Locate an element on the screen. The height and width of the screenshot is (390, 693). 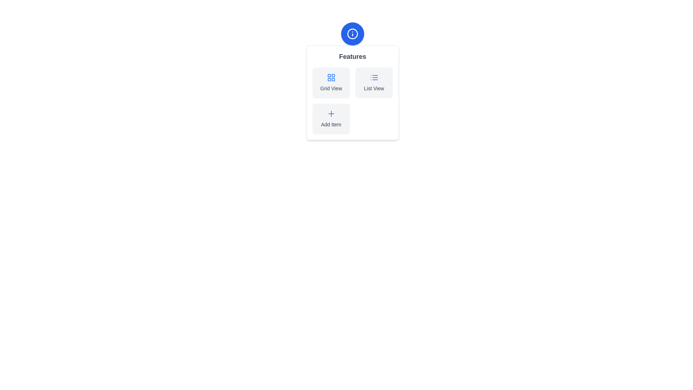
the 'Grid View' text label, which provides a description for the associated grid layout feature, located below the grid icon is located at coordinates (331, 88).